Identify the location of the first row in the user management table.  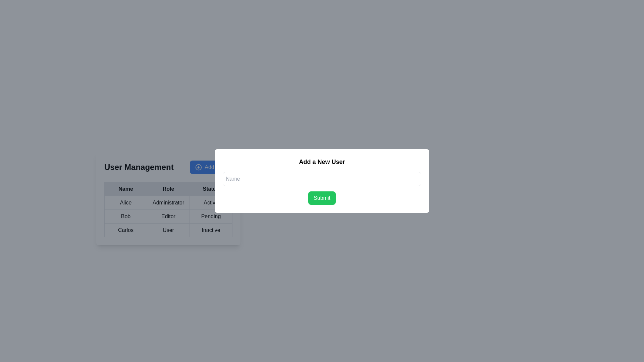
(168, 202).